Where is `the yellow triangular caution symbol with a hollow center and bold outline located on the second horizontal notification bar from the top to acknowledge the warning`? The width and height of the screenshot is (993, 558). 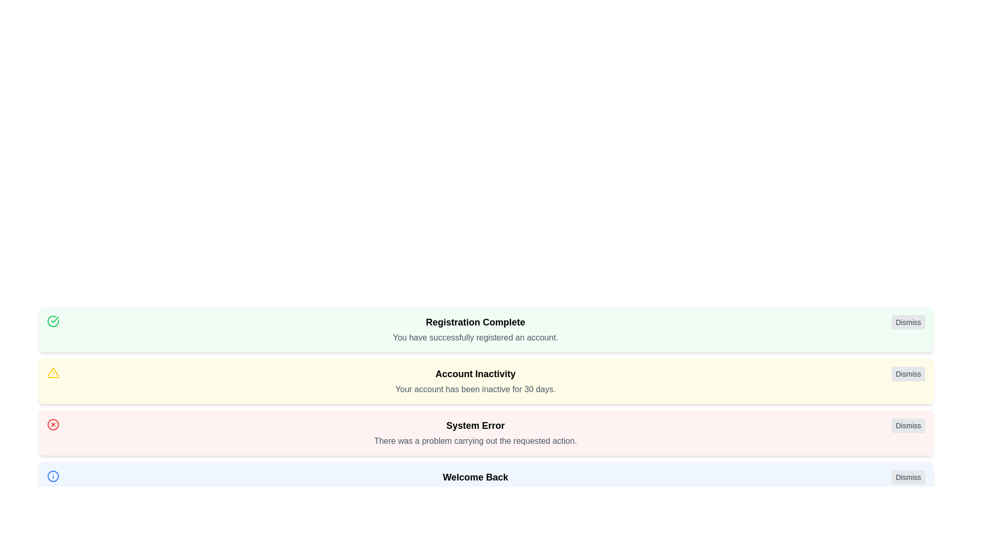 the yellow triangular caution symbol with a hollow center and bold outline located on the second horizontal notification bar from the top to acknowledge the warning is located at coordinates (52, 373).